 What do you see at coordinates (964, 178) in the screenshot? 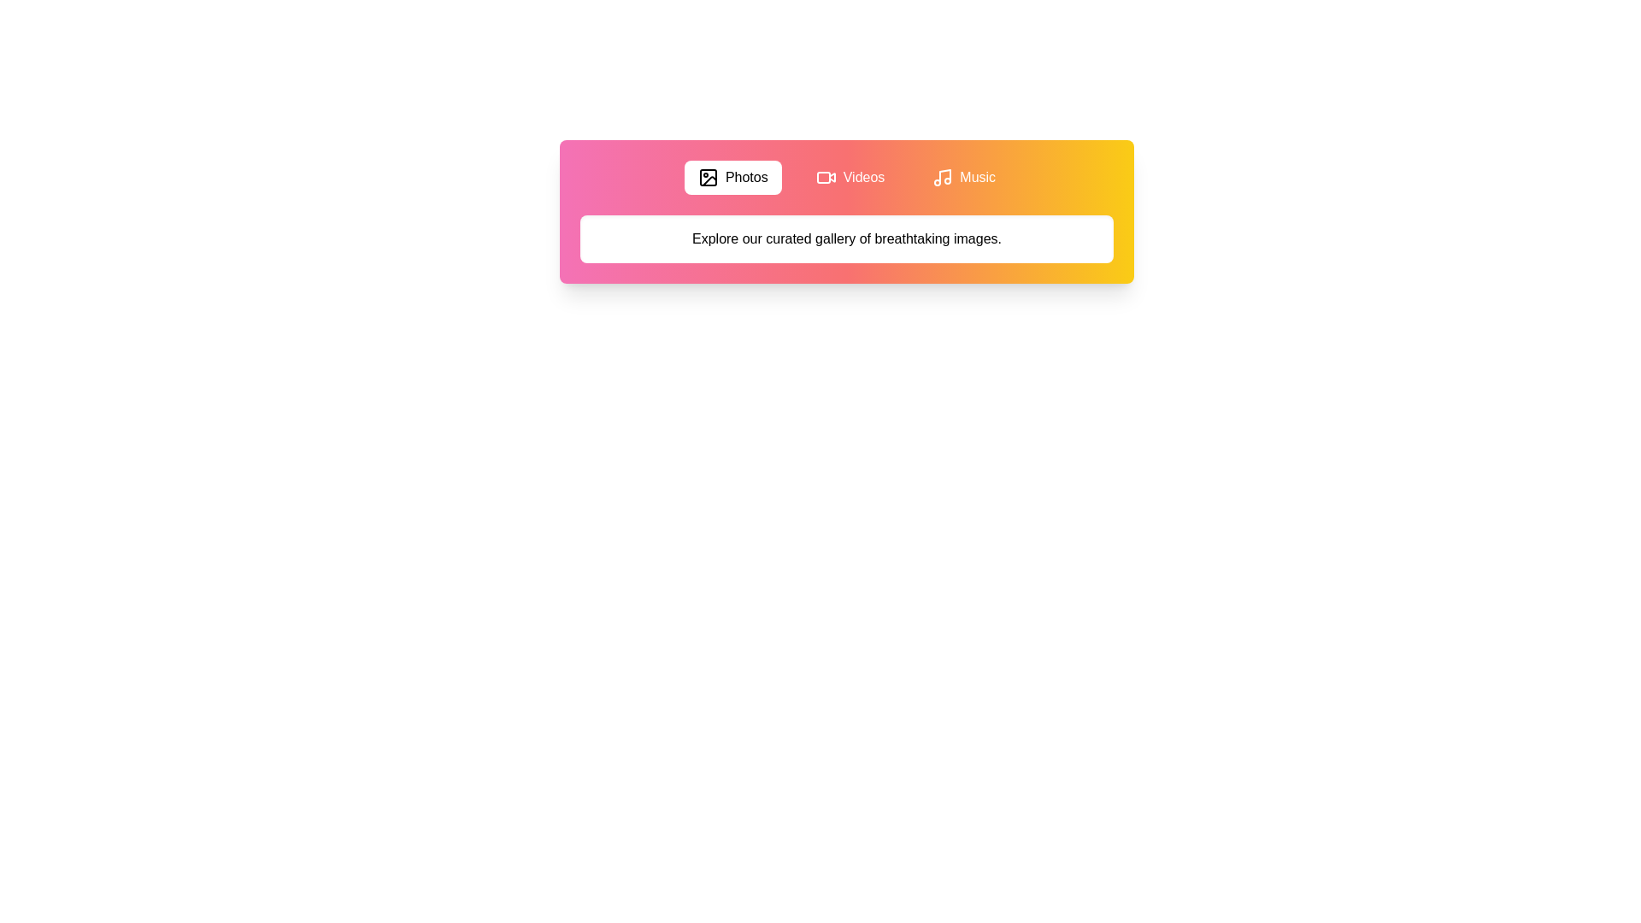
I see `the Music tab by clicking its button` at bounding box center [964, 178].